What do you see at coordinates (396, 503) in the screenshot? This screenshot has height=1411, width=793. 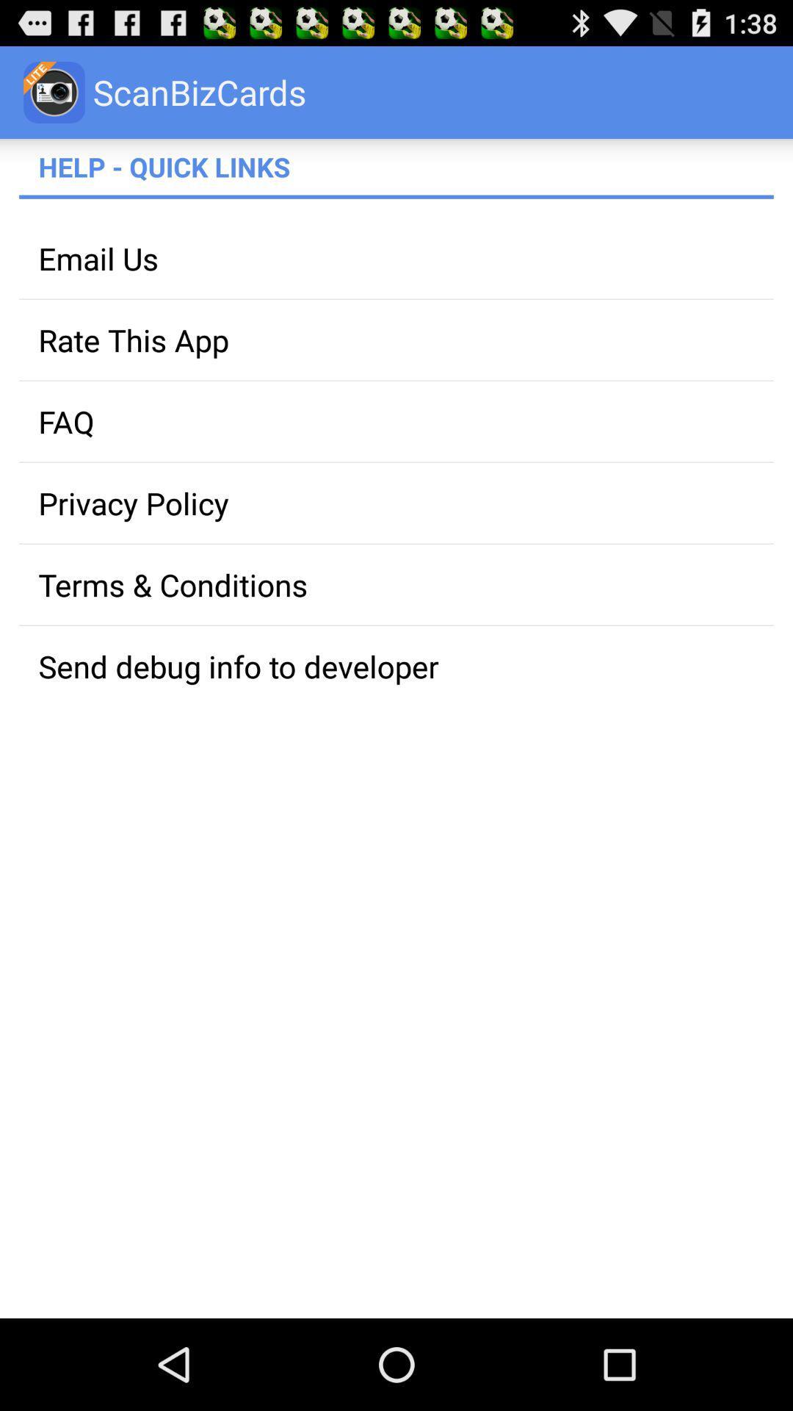 I see `app above the terms & conditions icon` at bounding box center [396, 503].